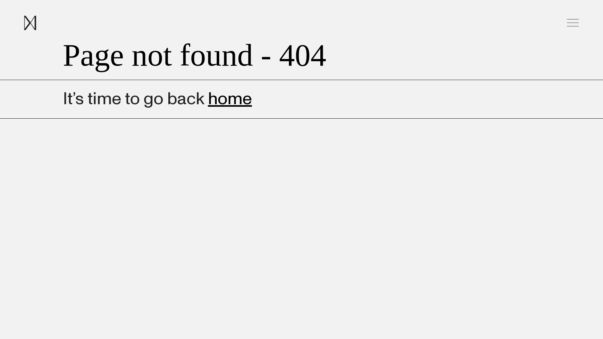 The height and width of the screenshot is (339, 603). I want to click on 'home', so click(229, 99).